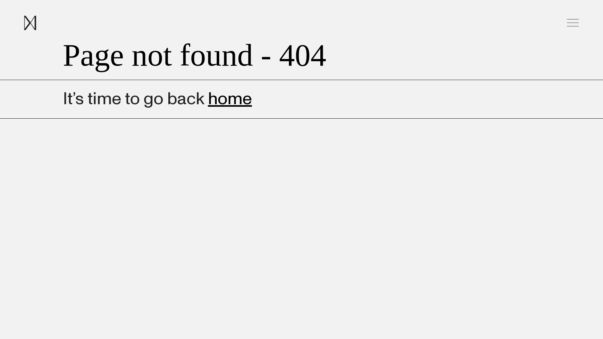 The height and width of the screenshot is (339, 603). I want to click on 'home', so click(229, 99).